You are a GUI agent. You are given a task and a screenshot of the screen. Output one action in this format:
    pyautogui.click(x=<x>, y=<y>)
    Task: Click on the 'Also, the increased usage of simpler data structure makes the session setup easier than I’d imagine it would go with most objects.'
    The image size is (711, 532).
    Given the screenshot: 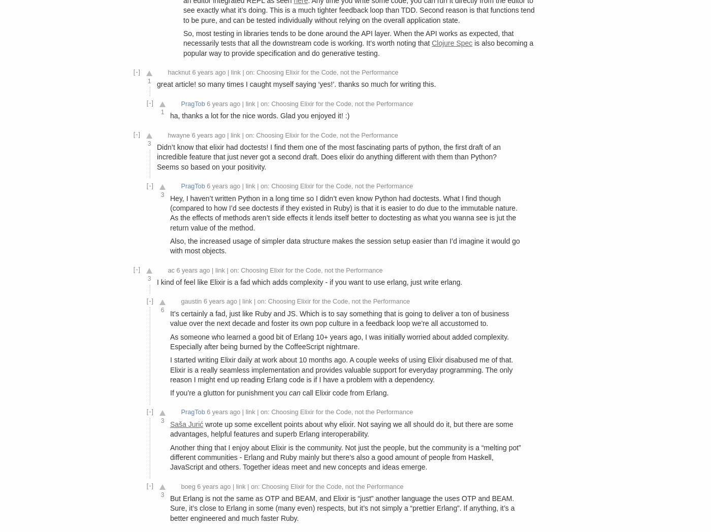 What is the action you would take?
    pyautogui.click(x=170, y=245)
    